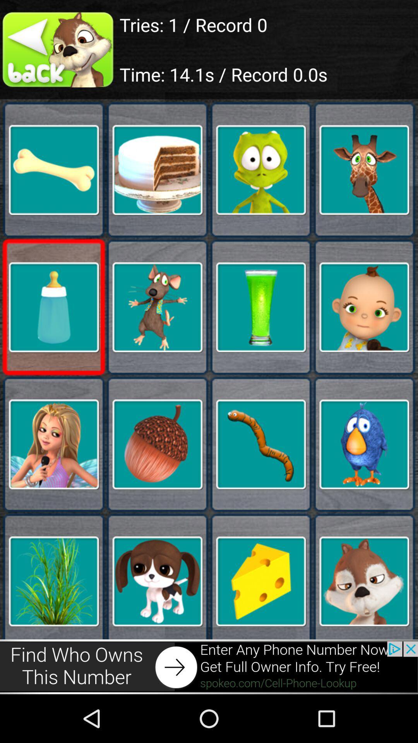  I want to click on the image which is below the cake, so click(157, 306).